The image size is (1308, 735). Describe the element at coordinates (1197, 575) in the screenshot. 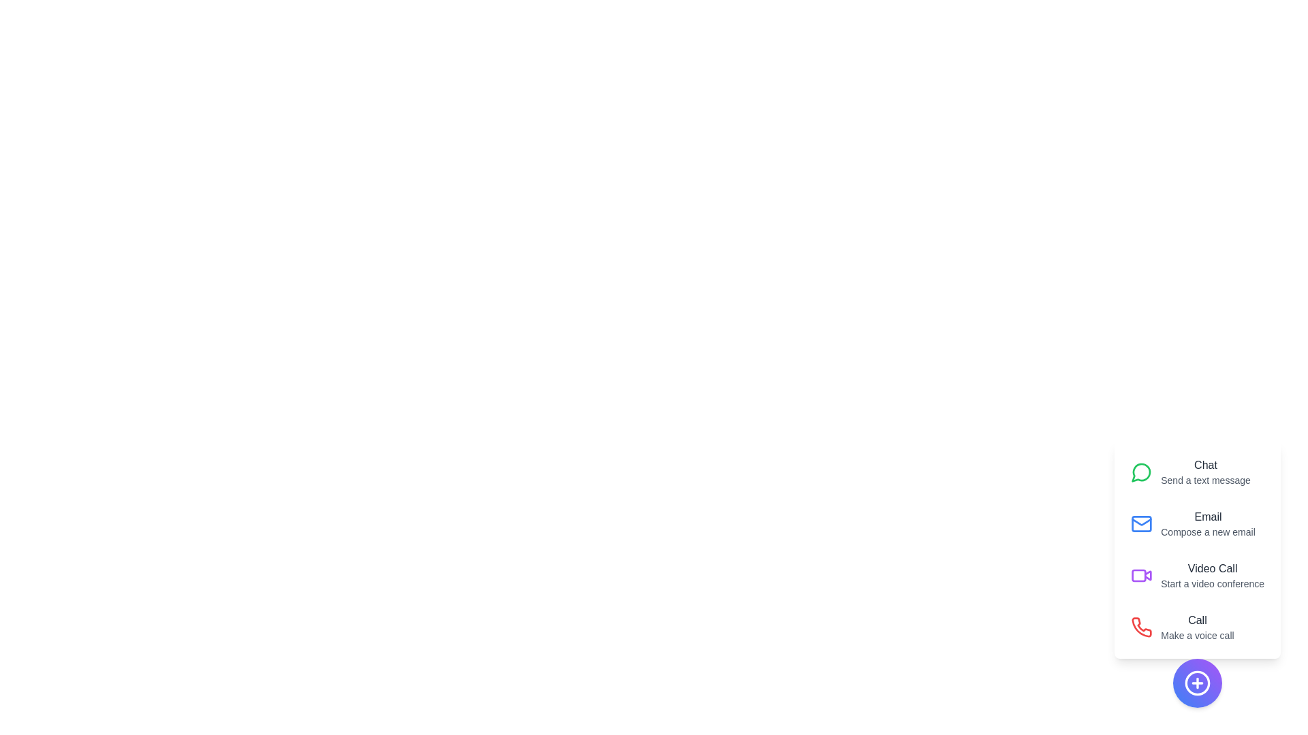

I see `the action labeled Video Call to reveal its description` at that location.